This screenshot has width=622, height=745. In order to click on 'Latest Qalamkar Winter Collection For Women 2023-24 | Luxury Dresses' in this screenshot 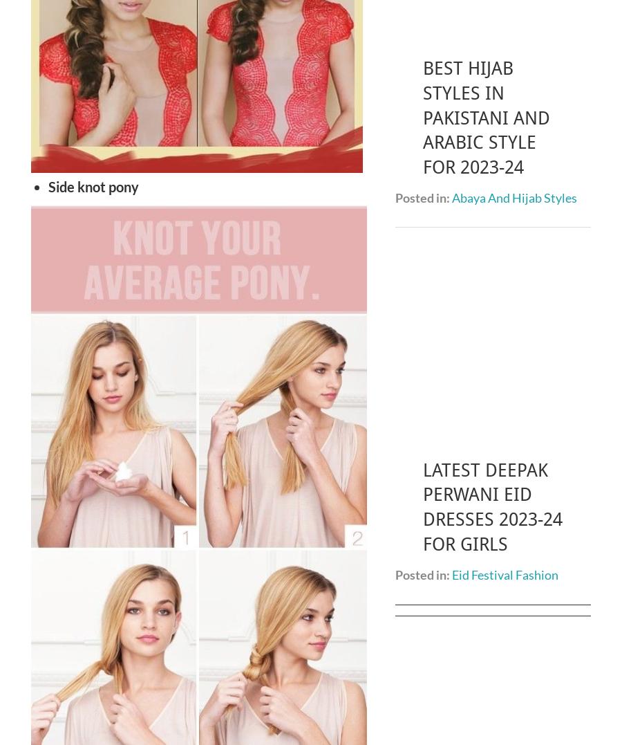, I will do `click(489, 619)`.